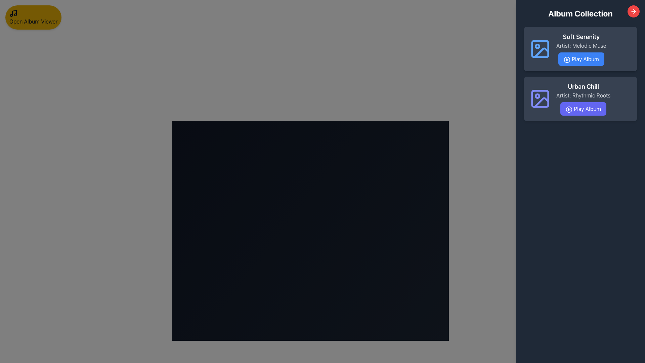 Image resolution: width=645 pixels, height=363 pixels. I want to click on the album thumbnail icon for 'Soft Serenity', which is the first visual element in the top-left corner of its card in the right sidebar, so click(540, 49).